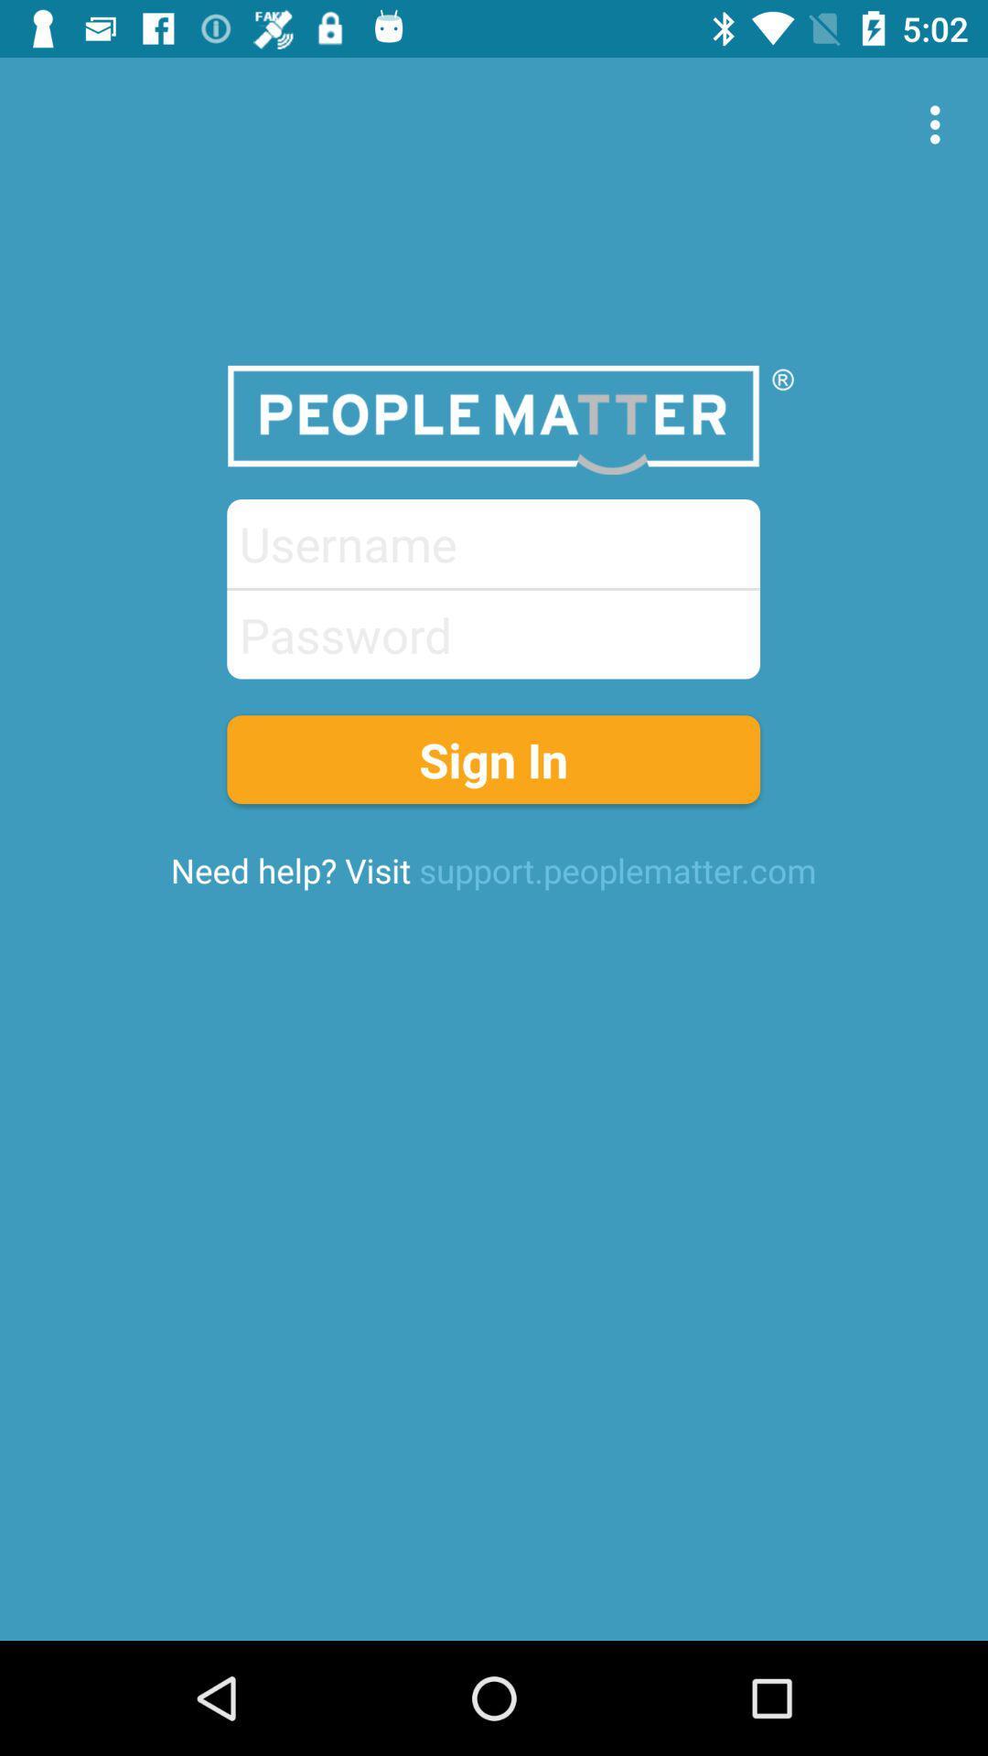  I want to click on sign in icon, so click(492, 759).